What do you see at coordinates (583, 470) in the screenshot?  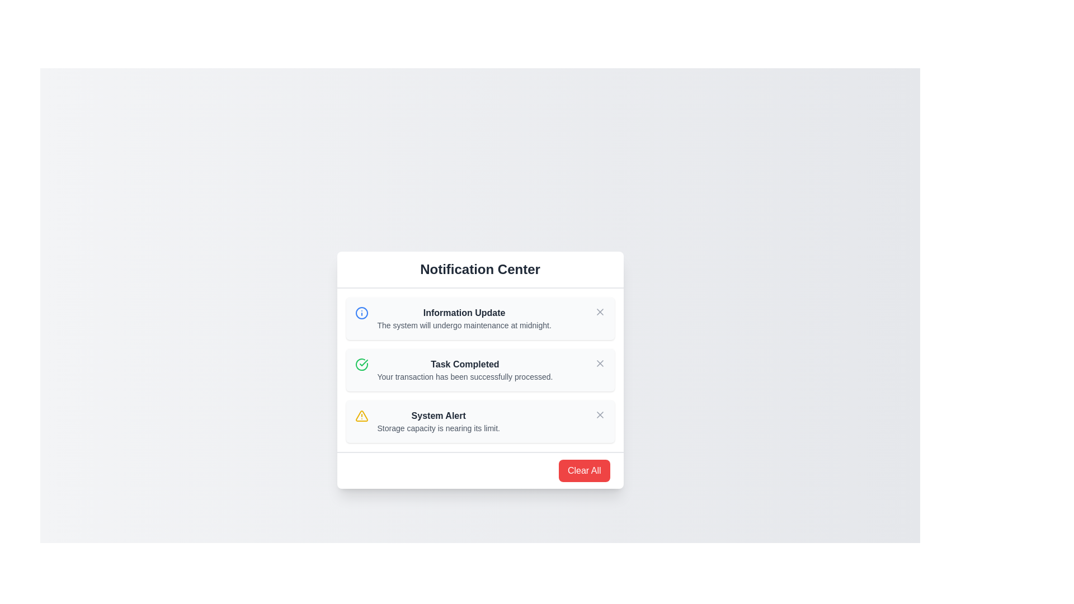 I see `the clear notifications button located at the bottom-right corner of the modal dialog` at bounding box center [583, 470].